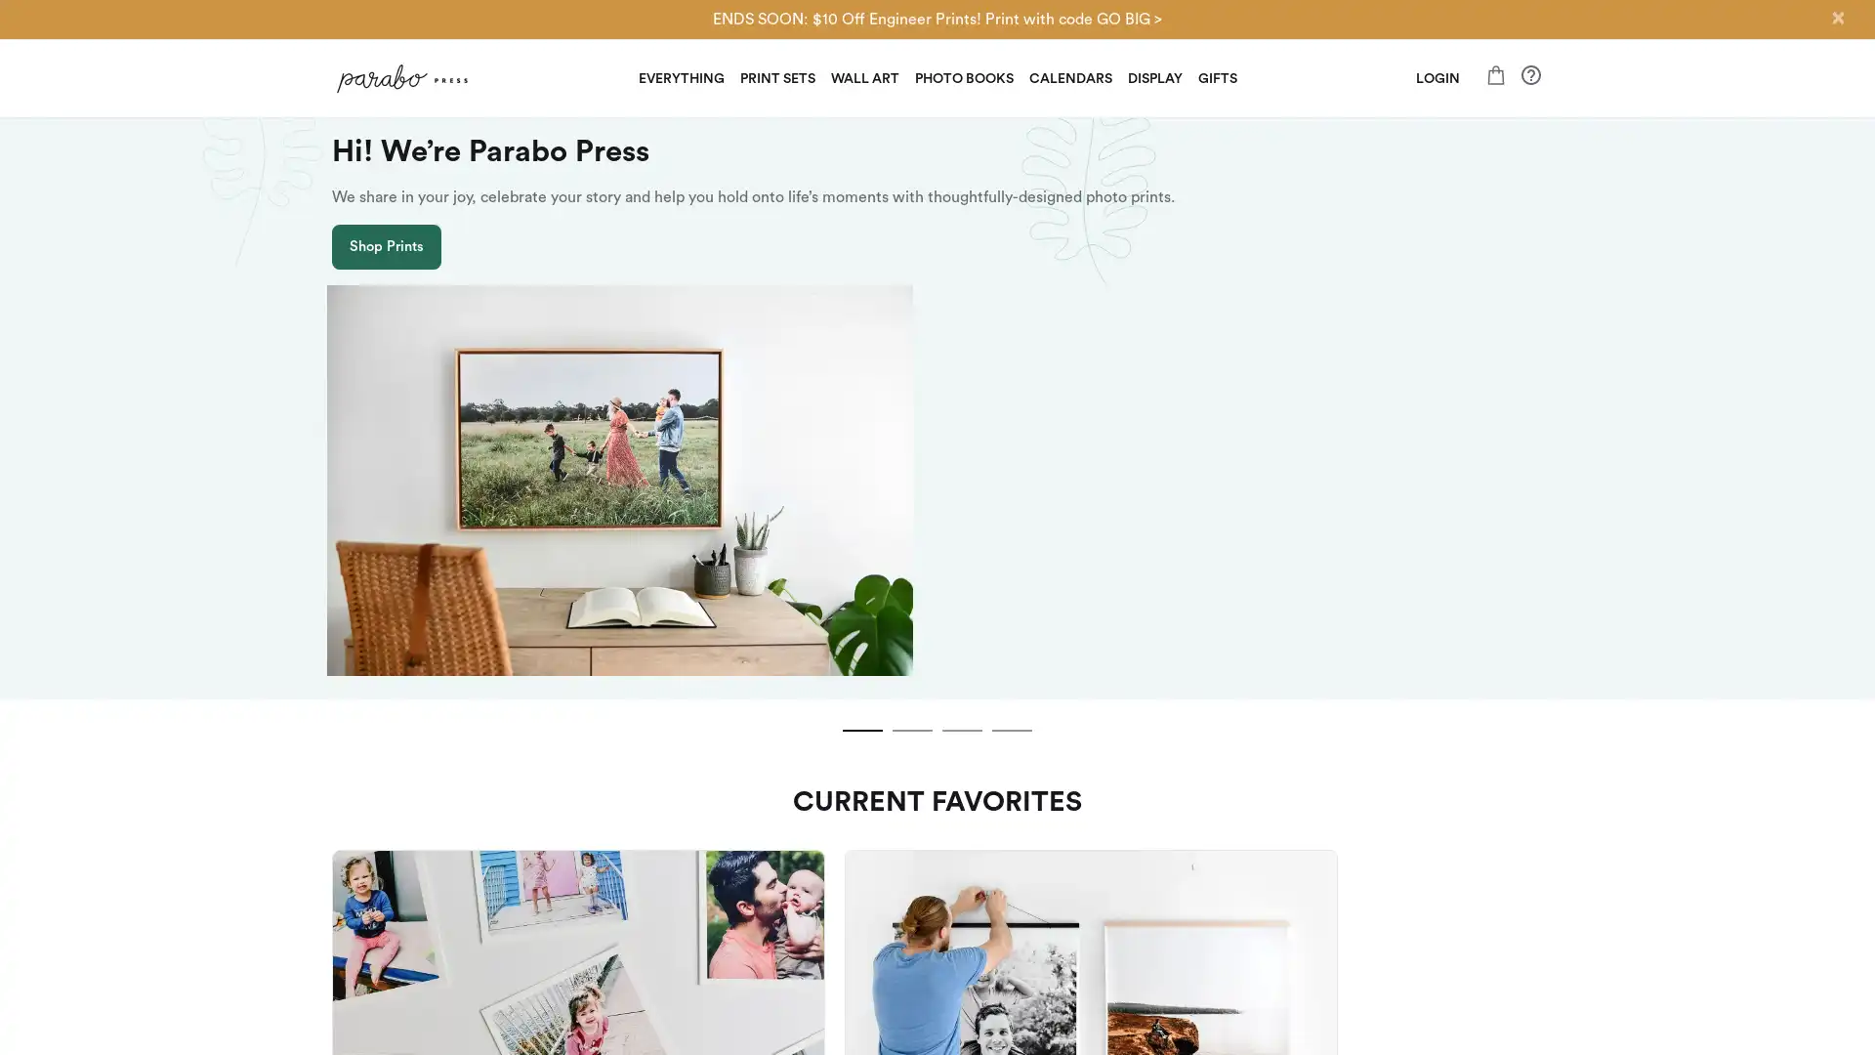  What do you see at coordinates (907, 539) in the screenshot?
I see `slide dot` at bounding box center [907, 539].